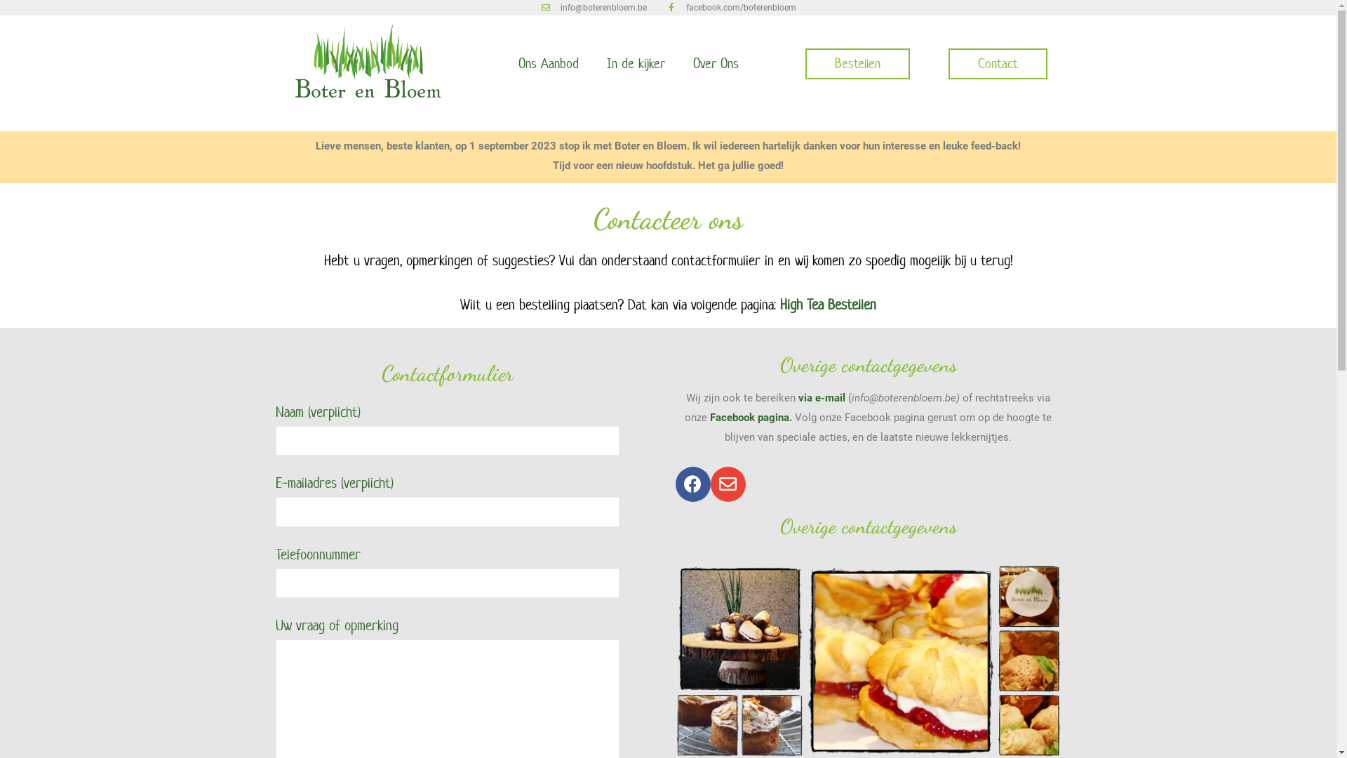 The height and width of the screenshot is (758, 1347). What do you see at coordinates (857, 64) in the screenshot?
I see `'Bestellen'` at bounding box center [857, 64].